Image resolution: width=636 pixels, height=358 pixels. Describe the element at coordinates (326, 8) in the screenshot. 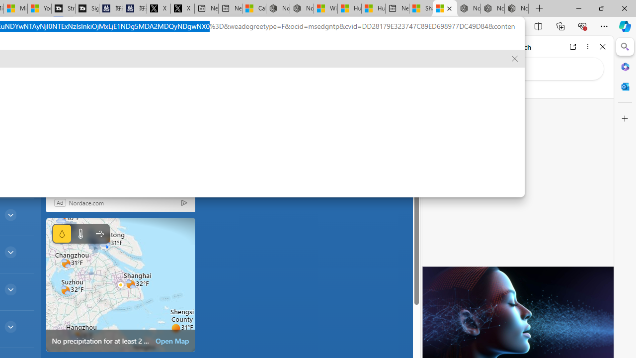

I see `'Wildlife - MSN'` at that location.